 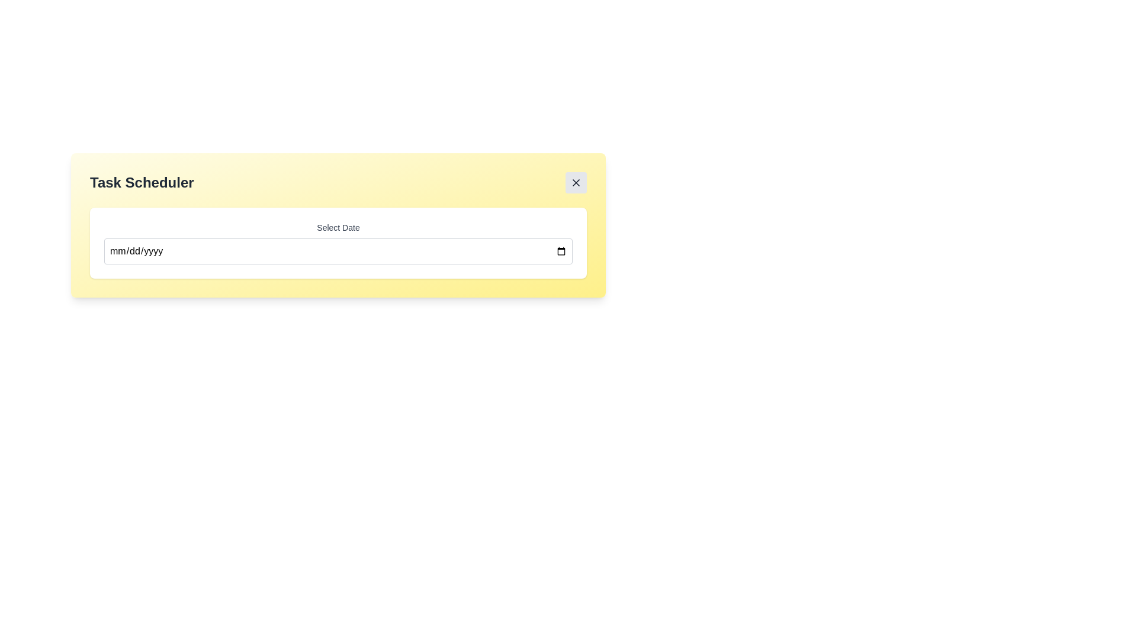 What do you see at coordinates (576, 182) in the screenshot?
I see `the 'X' icon close button located in the top-right corner of the yellow 'Task Scheduler' card to trigger its hover effect` at bounding box center [576, 182].